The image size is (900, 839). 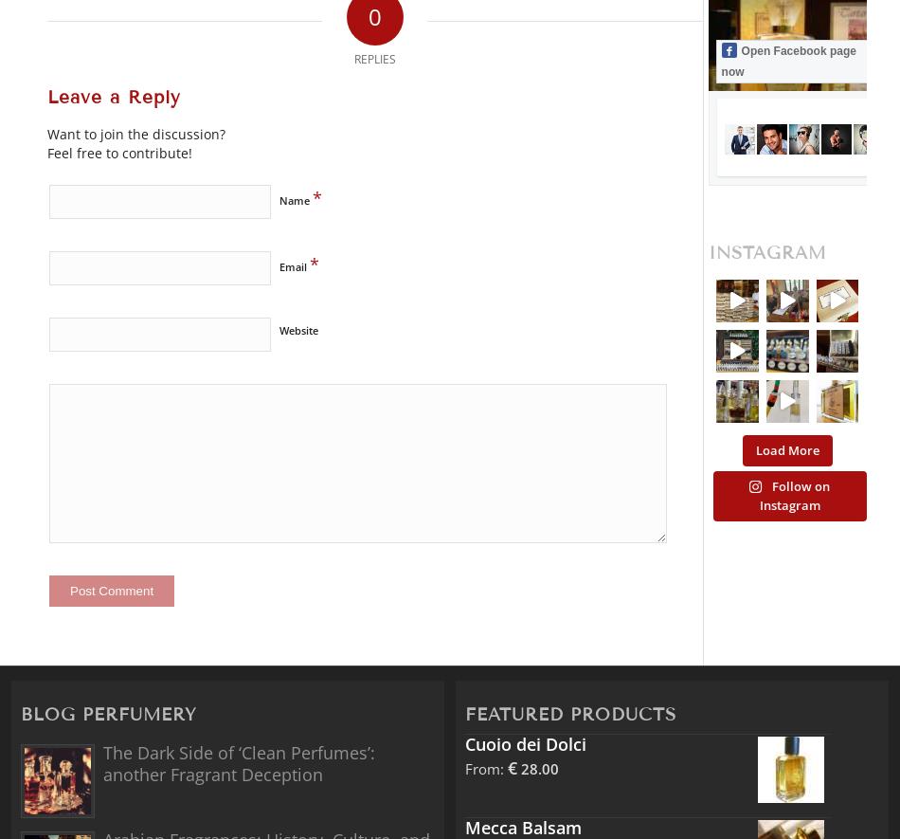 I want to click on 'The Dark Side of ‘Clean Perfumes’: another Fragrant Deception', so click(x=238, y=763).